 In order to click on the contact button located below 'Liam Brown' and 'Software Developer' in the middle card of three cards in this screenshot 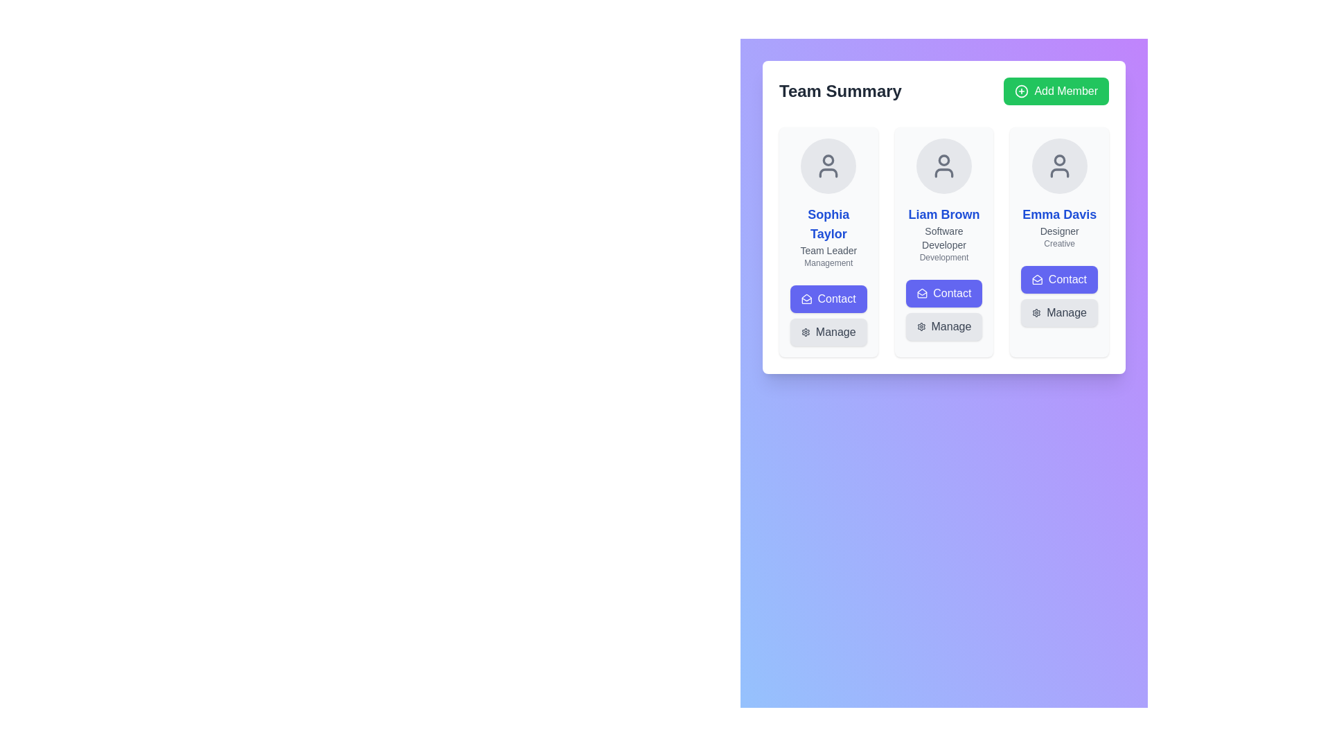, I will do `click(943, 293)`.